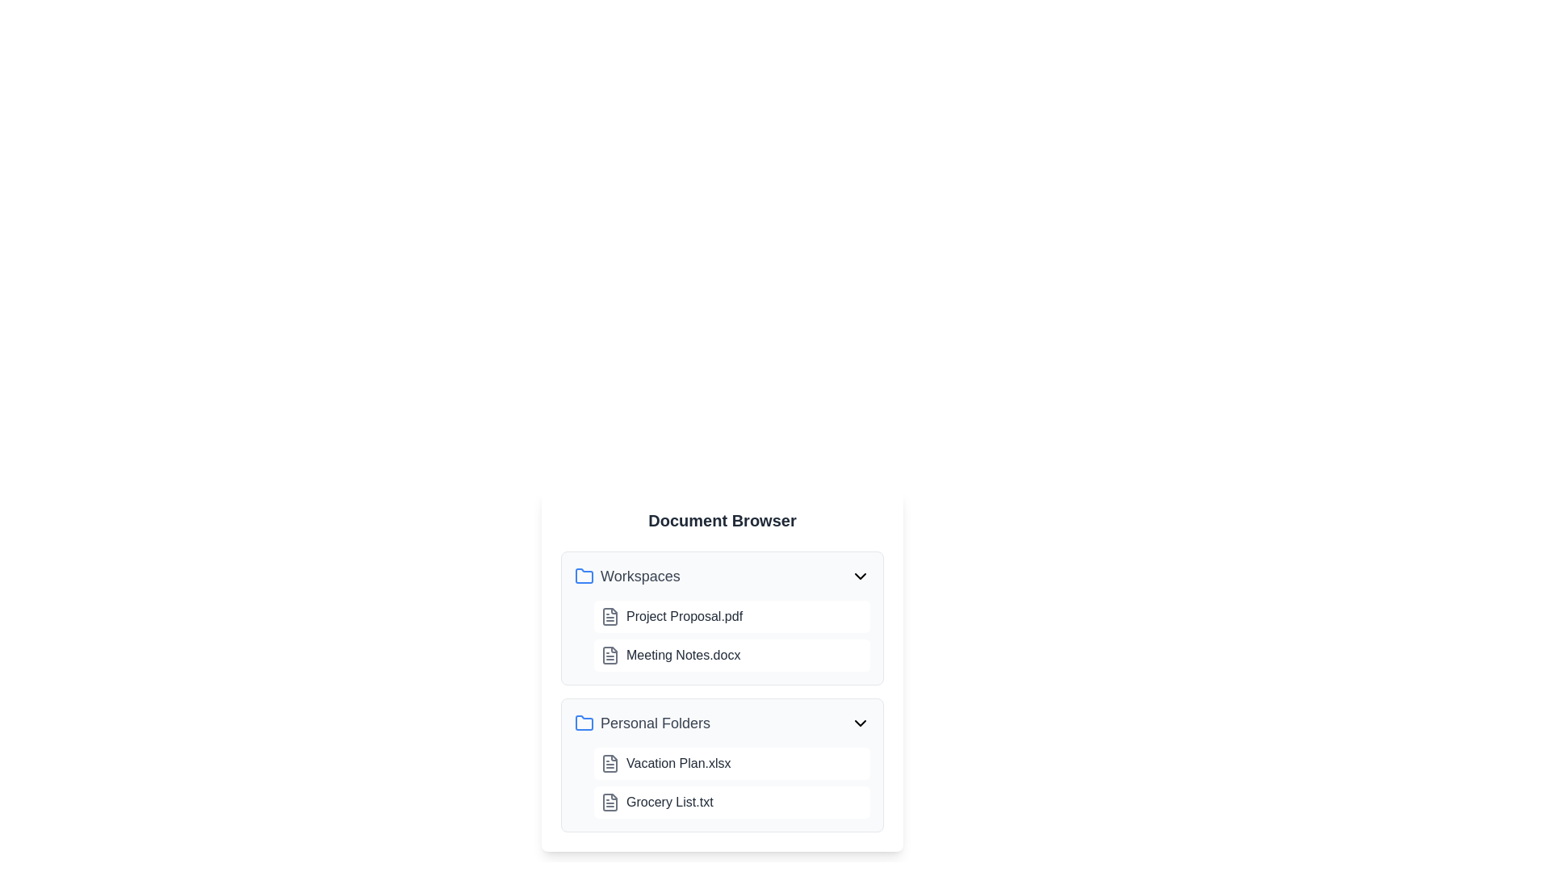 The width and height of the screenshot is (1550, 872). Describe the element at coordinates (609, 656) in the screenshot. I see `the document file icon representing 'Meeting Notes.docx' in the 'Workspaces' section of the 'Document Browser'` at that location.